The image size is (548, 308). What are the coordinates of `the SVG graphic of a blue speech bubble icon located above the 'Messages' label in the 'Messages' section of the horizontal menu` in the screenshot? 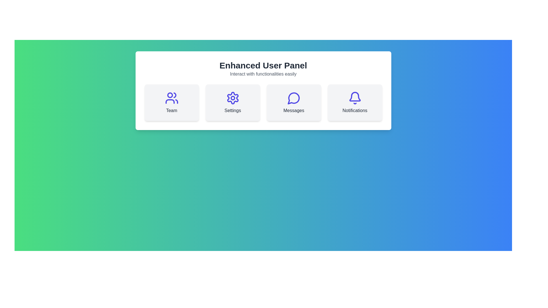 It's located at (294, 98).